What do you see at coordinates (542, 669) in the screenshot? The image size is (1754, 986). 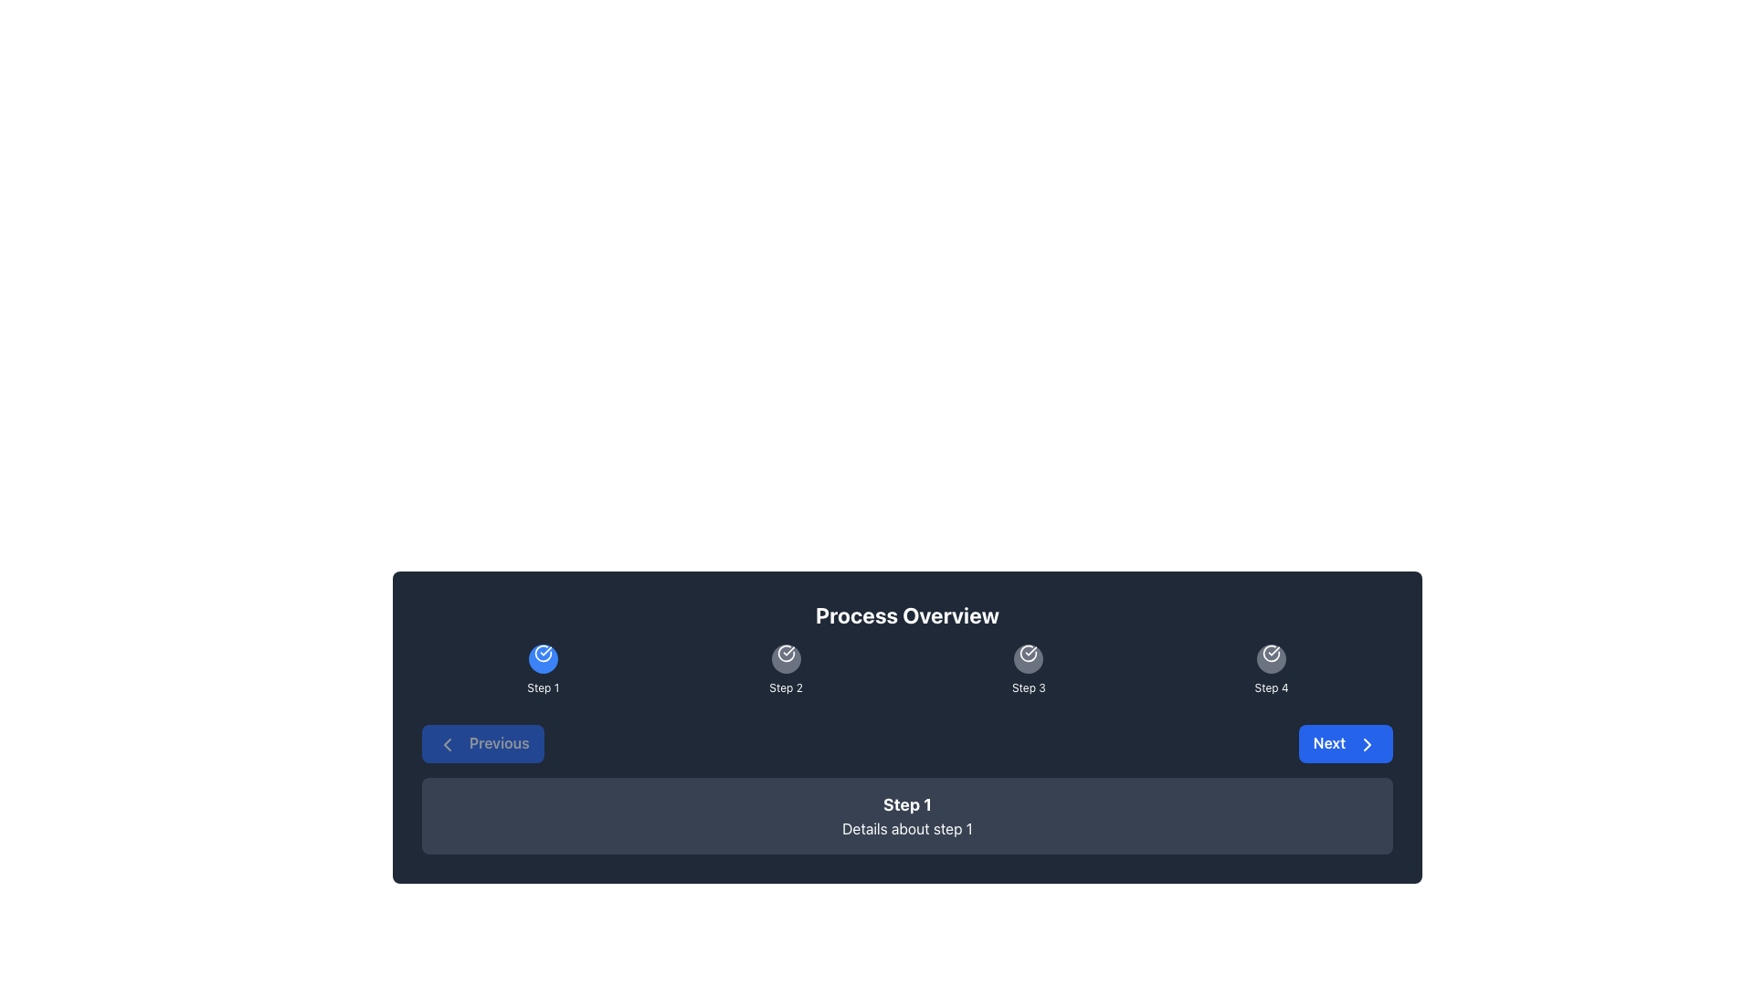 I see `the Interactive step indicator which is a blue circular icon with a white check mark labeled 'Step 1', located at the far left of the step indicators` at bounding box center [542, 669].